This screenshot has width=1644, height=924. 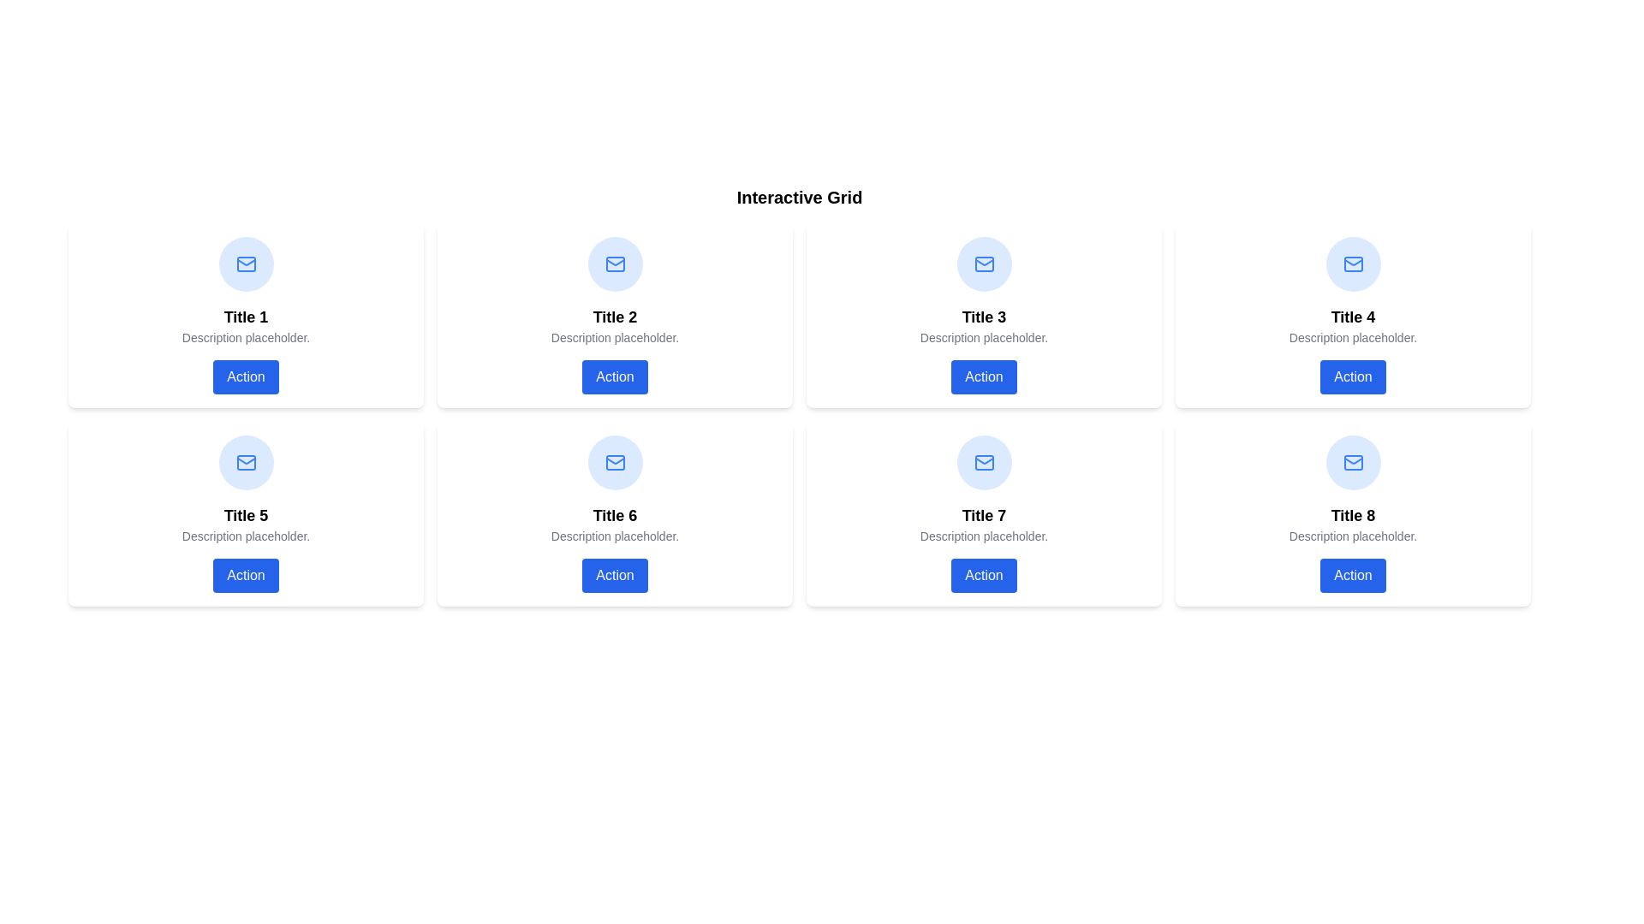 I want to click on the blue envelope icon which is located at the top area of the card titled 'Title 6' in the second row of the grid, so click(x=615, y=462).